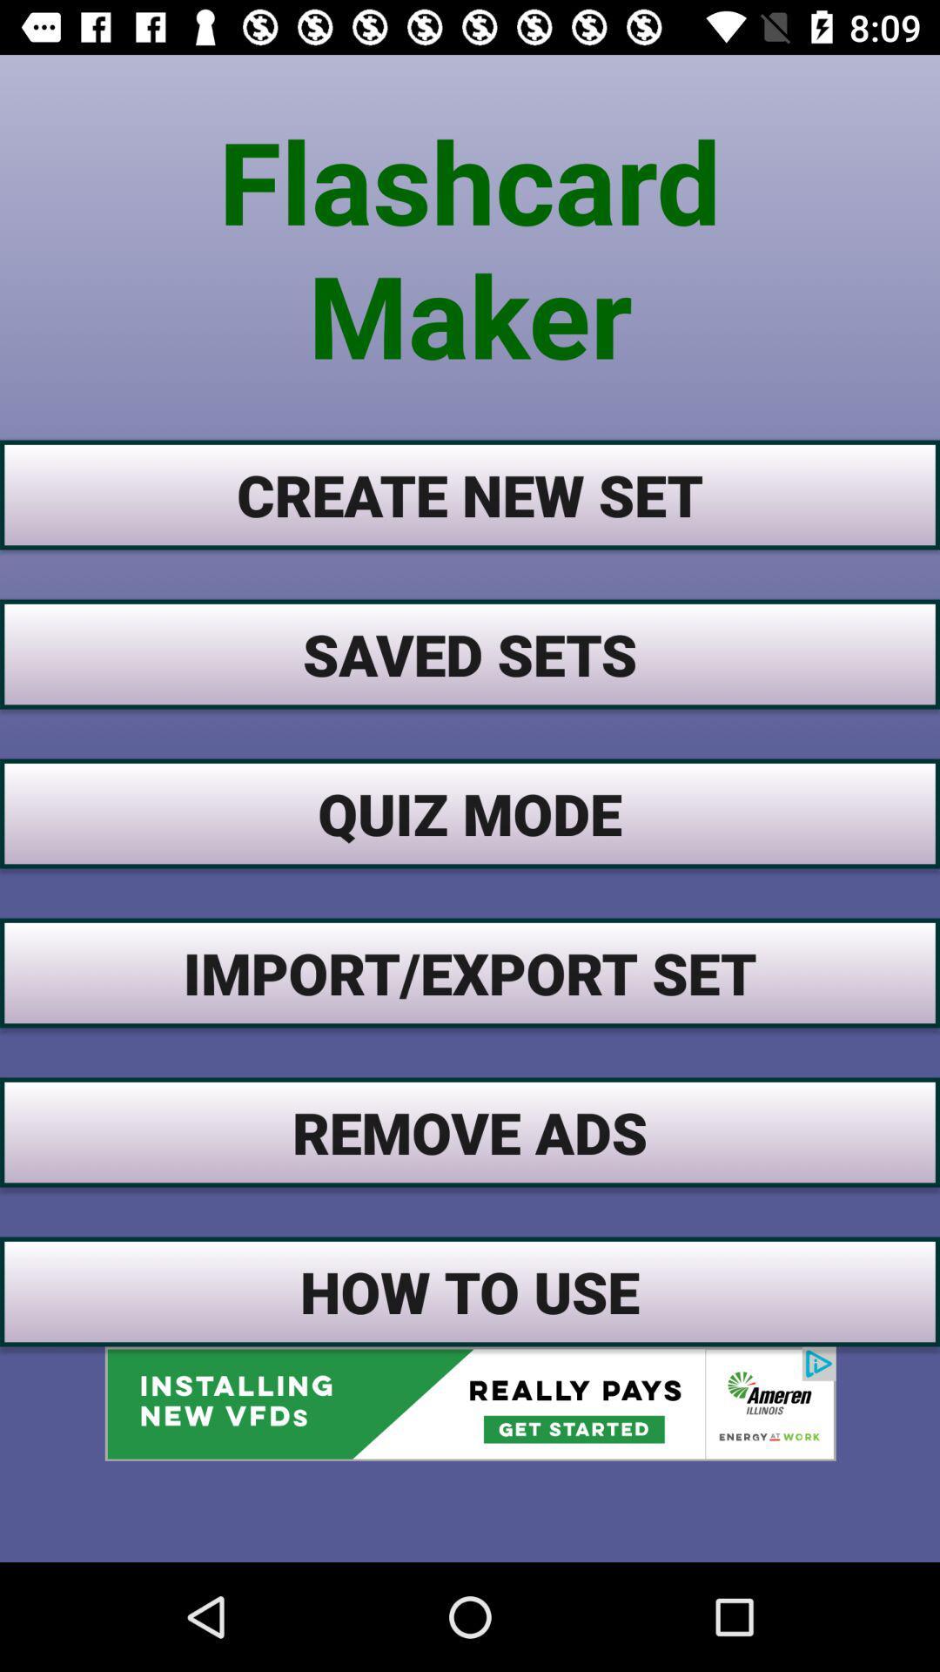 This screenshot has height=1672, width=940. What do you see at coordinates (470, 1404) in the screenshot?
I see `an advertisements` at bounding box center [470, 1404].